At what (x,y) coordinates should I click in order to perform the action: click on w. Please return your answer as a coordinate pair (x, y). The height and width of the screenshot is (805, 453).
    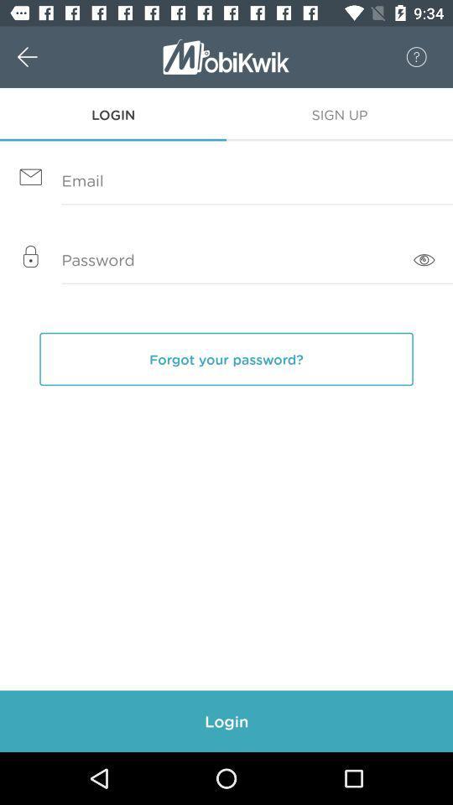
    Looking at the image, I should click on (45, 57).